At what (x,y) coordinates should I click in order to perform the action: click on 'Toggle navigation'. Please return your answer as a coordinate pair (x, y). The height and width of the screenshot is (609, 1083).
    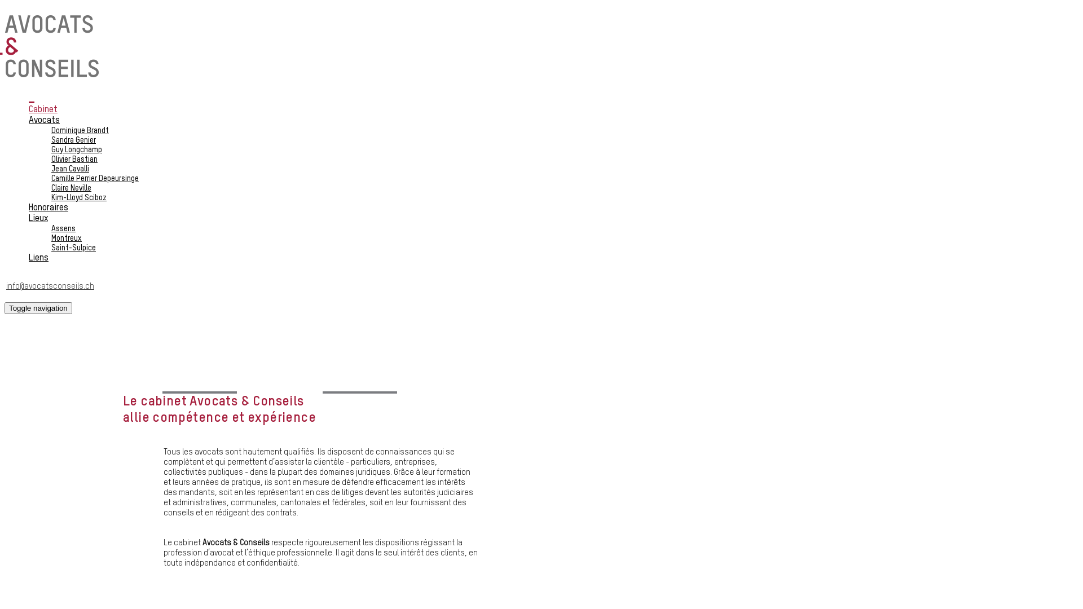
    Looking at the image, I should click on (5, 308).